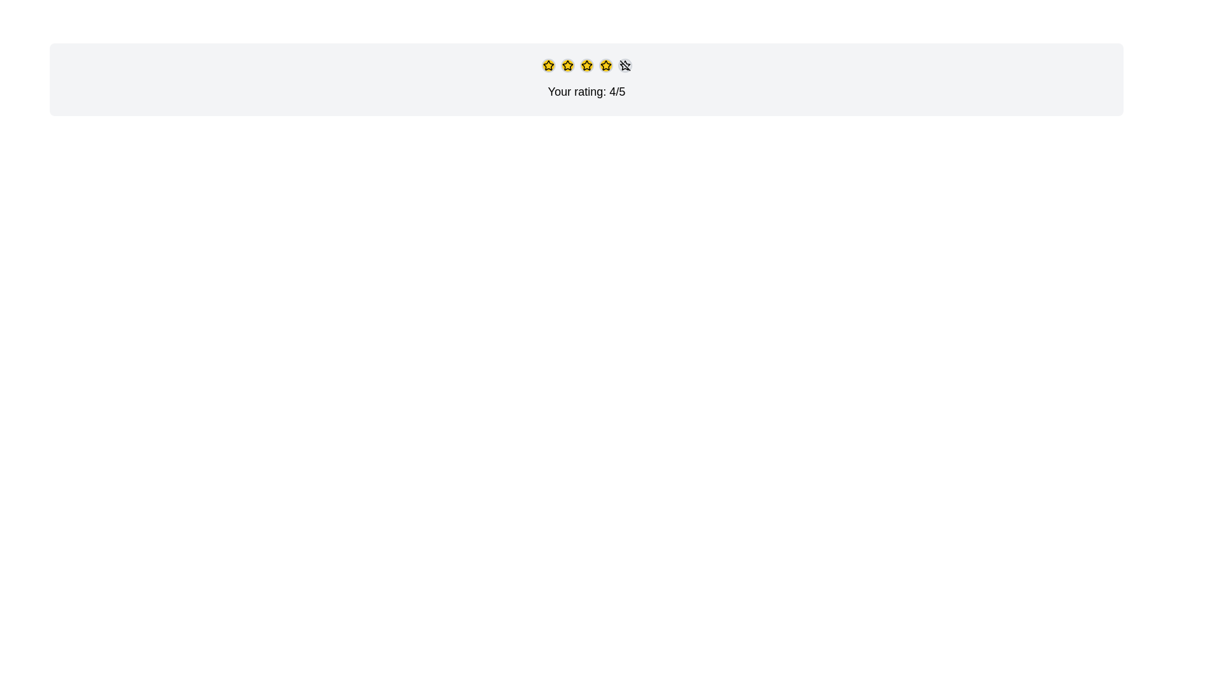 The image size is (1225, 689). What do you see at coordinates (624, 66) in the screenshot?
I see `the fifth star icon` at bounding box center [624, 66].